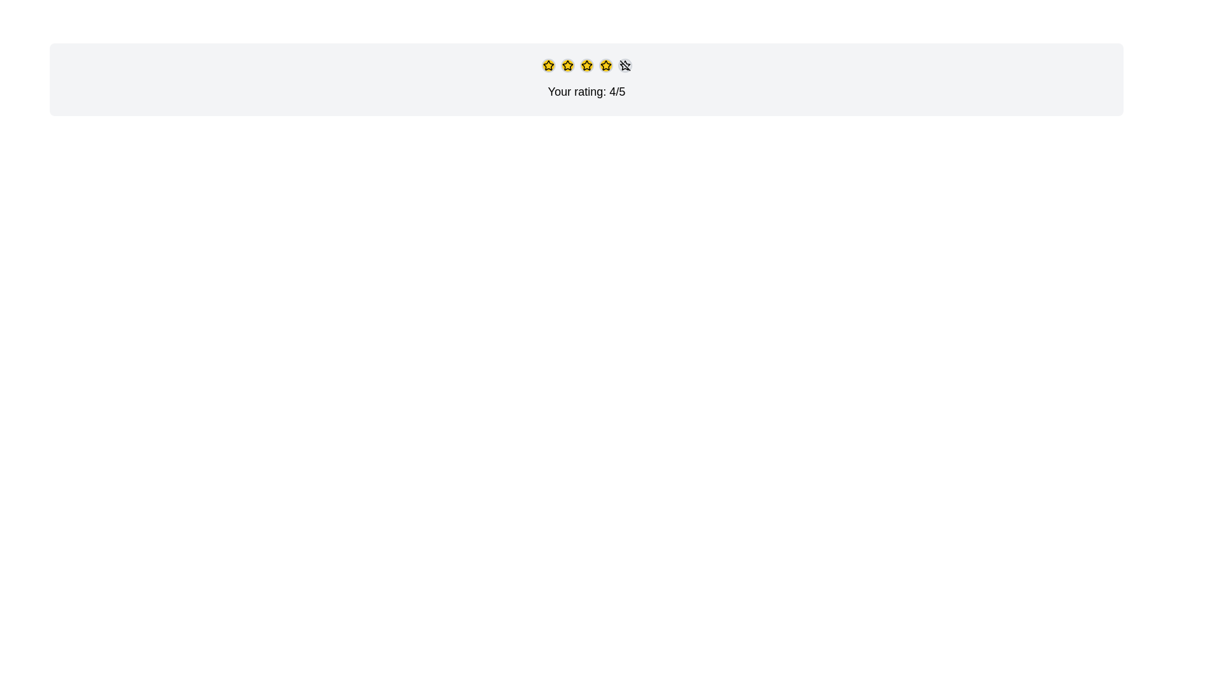 The image size is (1225, 689). What do you see at coordinates (624, 66) in the screenshot?
I see `the fifth star icon` at bounding box center [624, 66].